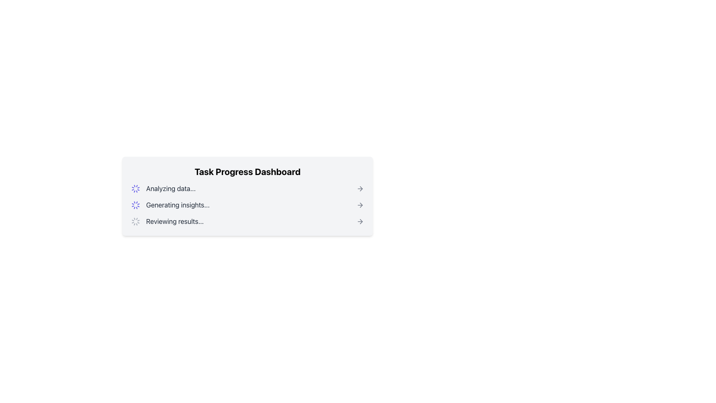 The image size is (716, 403). Describe the element at coordinates (247, 205) in the screenshot. I see `the Status item that indicates the current stage in the task progress dashboard, positioned between 'Analyzing data...' and 'Reviewing results...'` at that location.